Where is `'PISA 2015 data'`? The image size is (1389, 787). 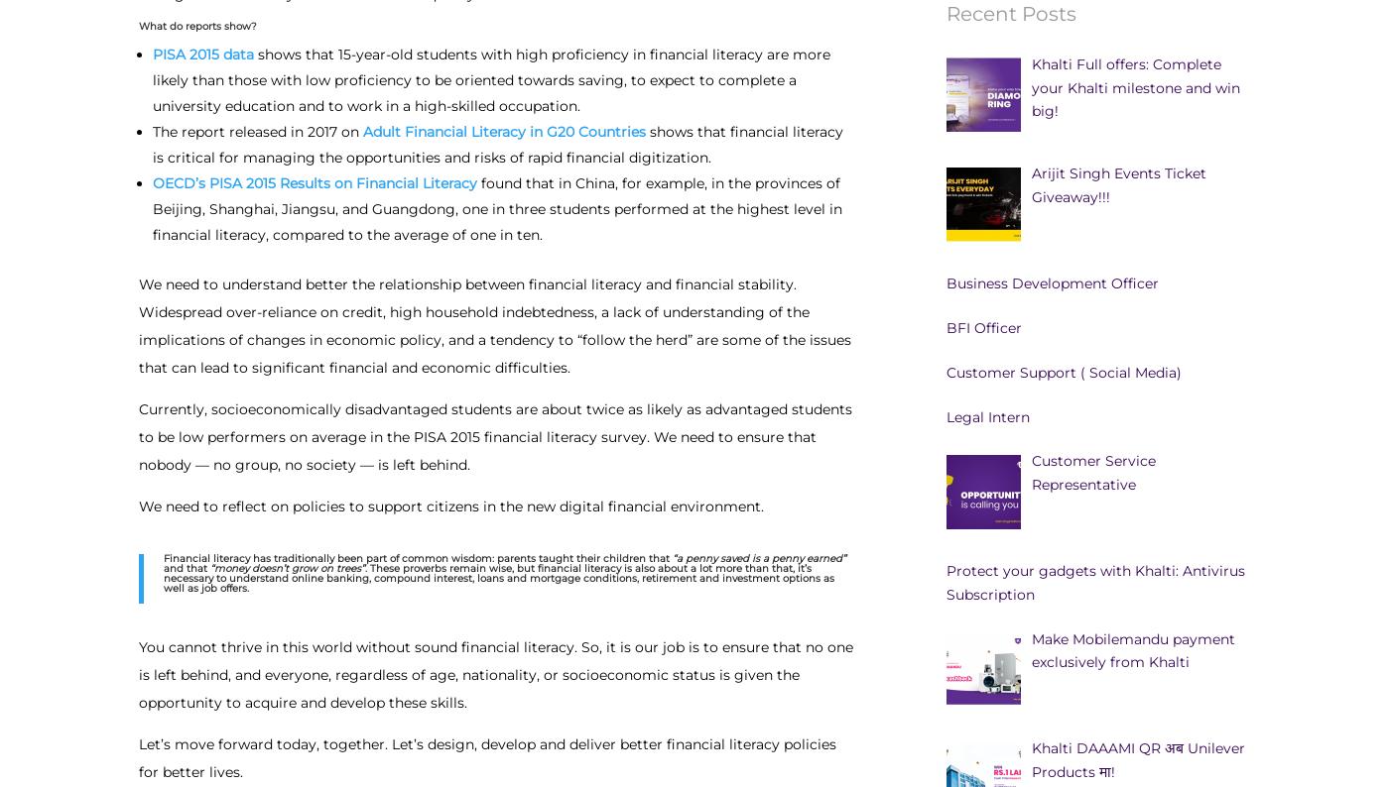
'PISA 2015 data' is located at coordinates (202, 53).